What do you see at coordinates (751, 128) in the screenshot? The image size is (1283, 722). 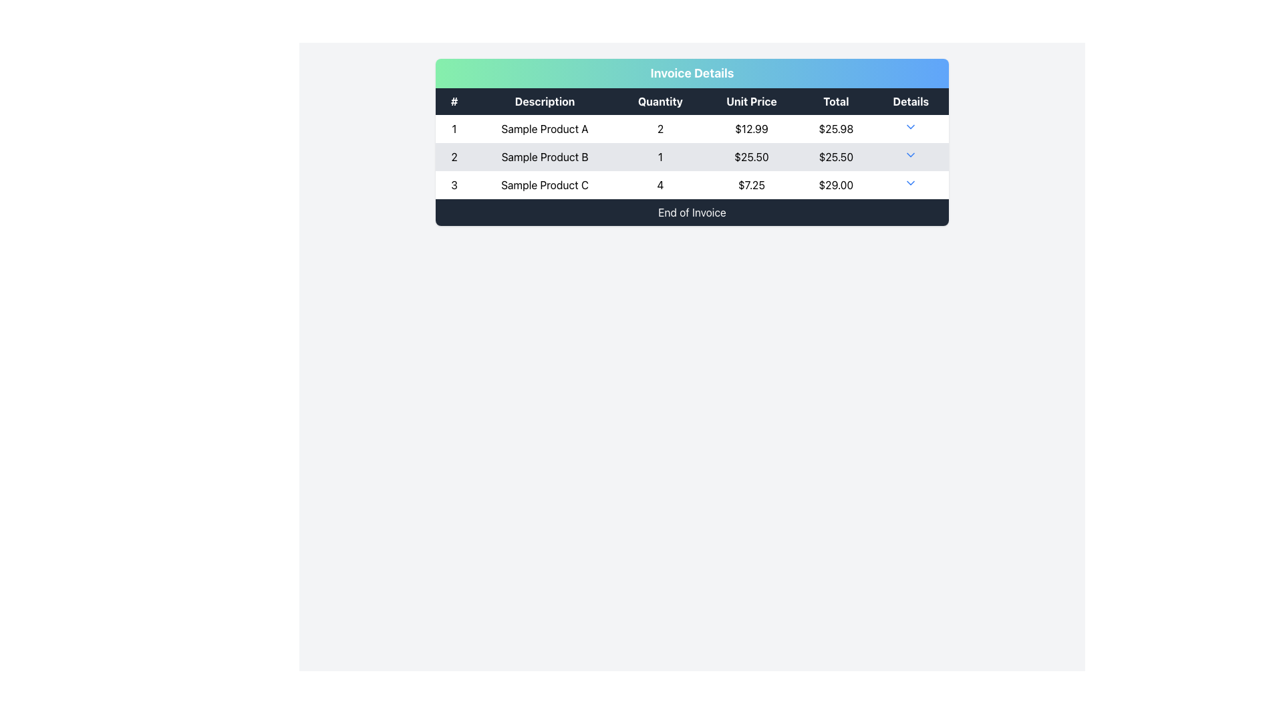 I see `the static text displaying the unit price of 'Sample Product A', which is located in the fourth column of the table, between the quantity '2' and the total '$25.98'` at bounding box center [751, 128].